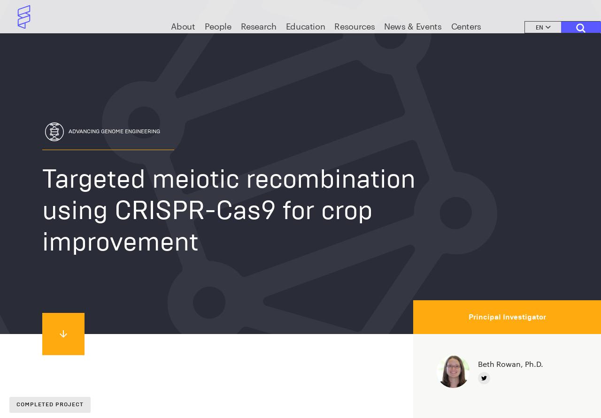  Describe the element at coordinates (305, 38) in the screenshot. I see `'Education'` at that location.